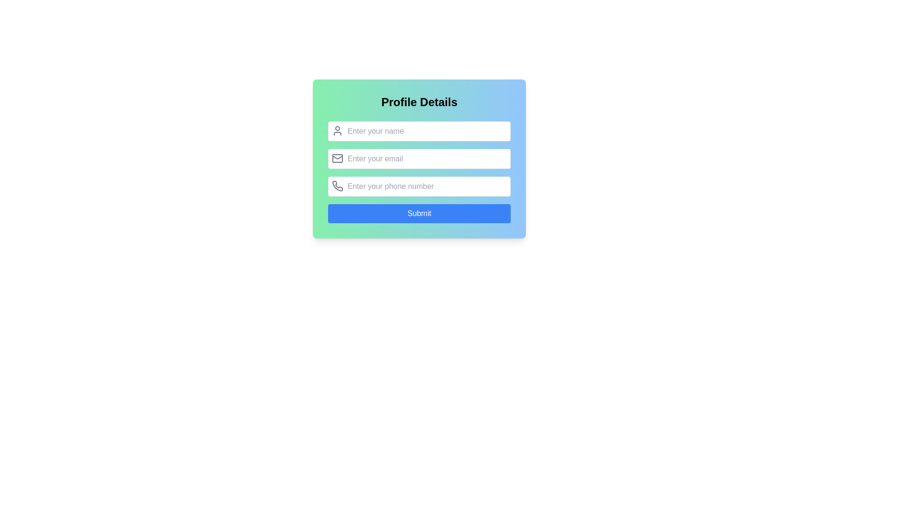  I want to click on the 'Submit' button, which is a rectangular button with rounded edges, a solid blue background, and white text, located at the bottom of the form interface, so click(419, 213).